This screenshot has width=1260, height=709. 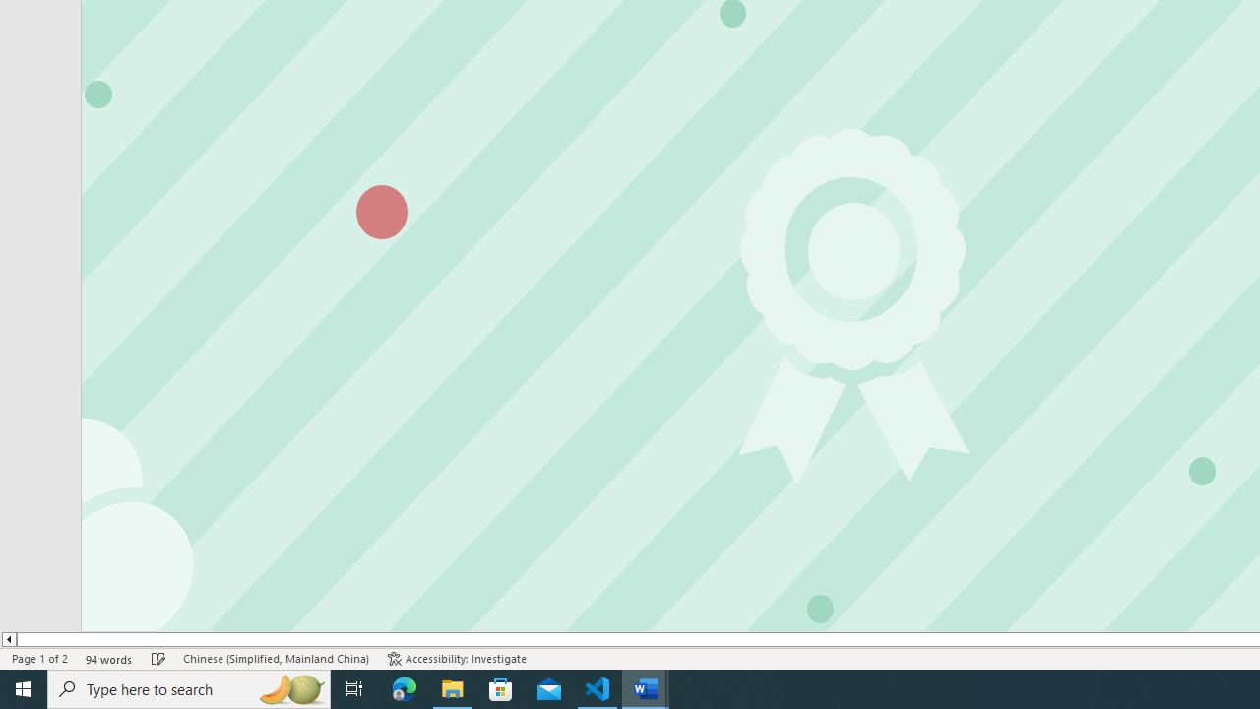 I want to click on 'Word Count 94 words', so click(x=108, y=659).